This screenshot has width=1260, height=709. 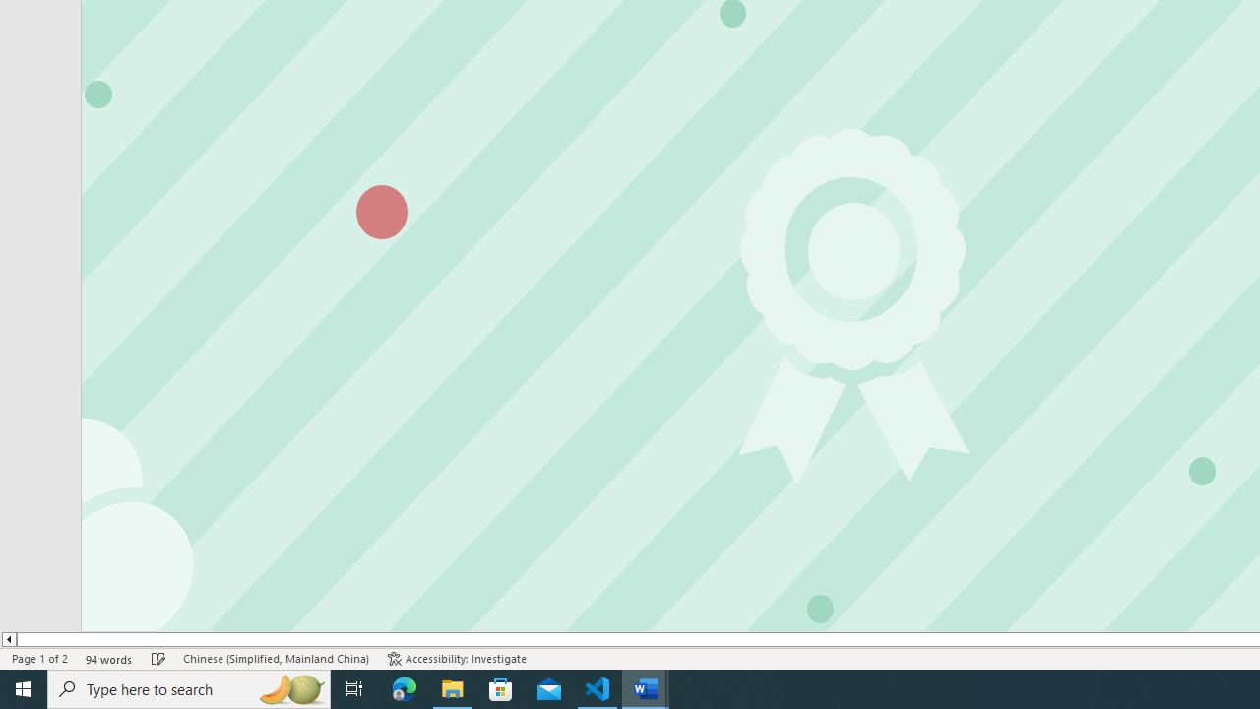 I want to click on 'Word Count 94 words', so click(x=108, y=659).